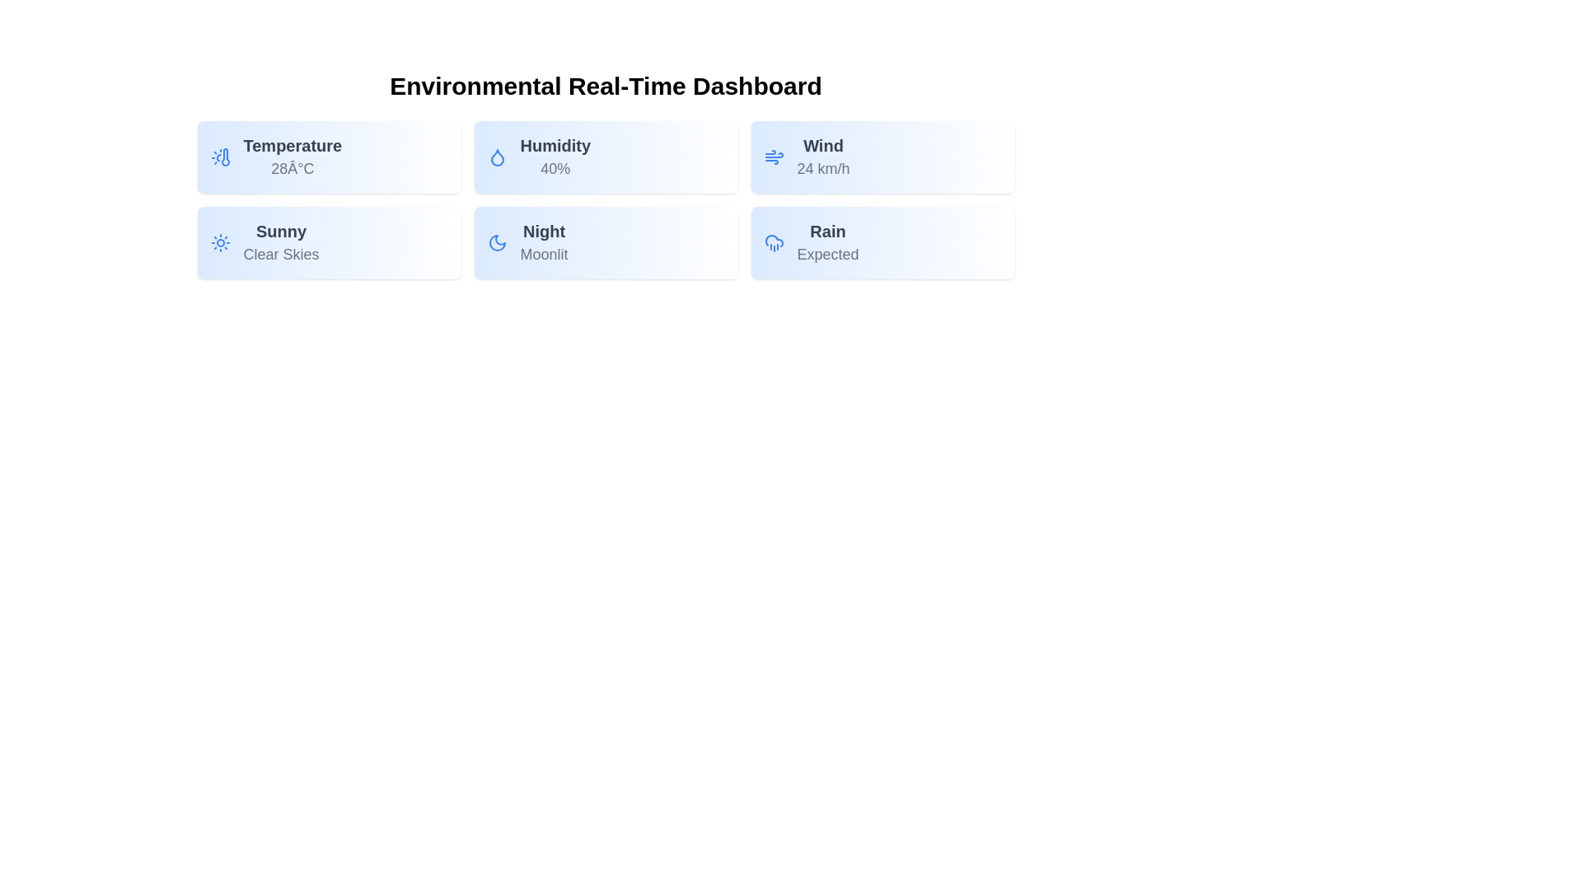 The width and height of the screenshot is (1582, 890). Describe the element at coordinates (329, 157) in the screenshot. I see `the temperature display card located at the top-left corner of the grid layout` at that location.